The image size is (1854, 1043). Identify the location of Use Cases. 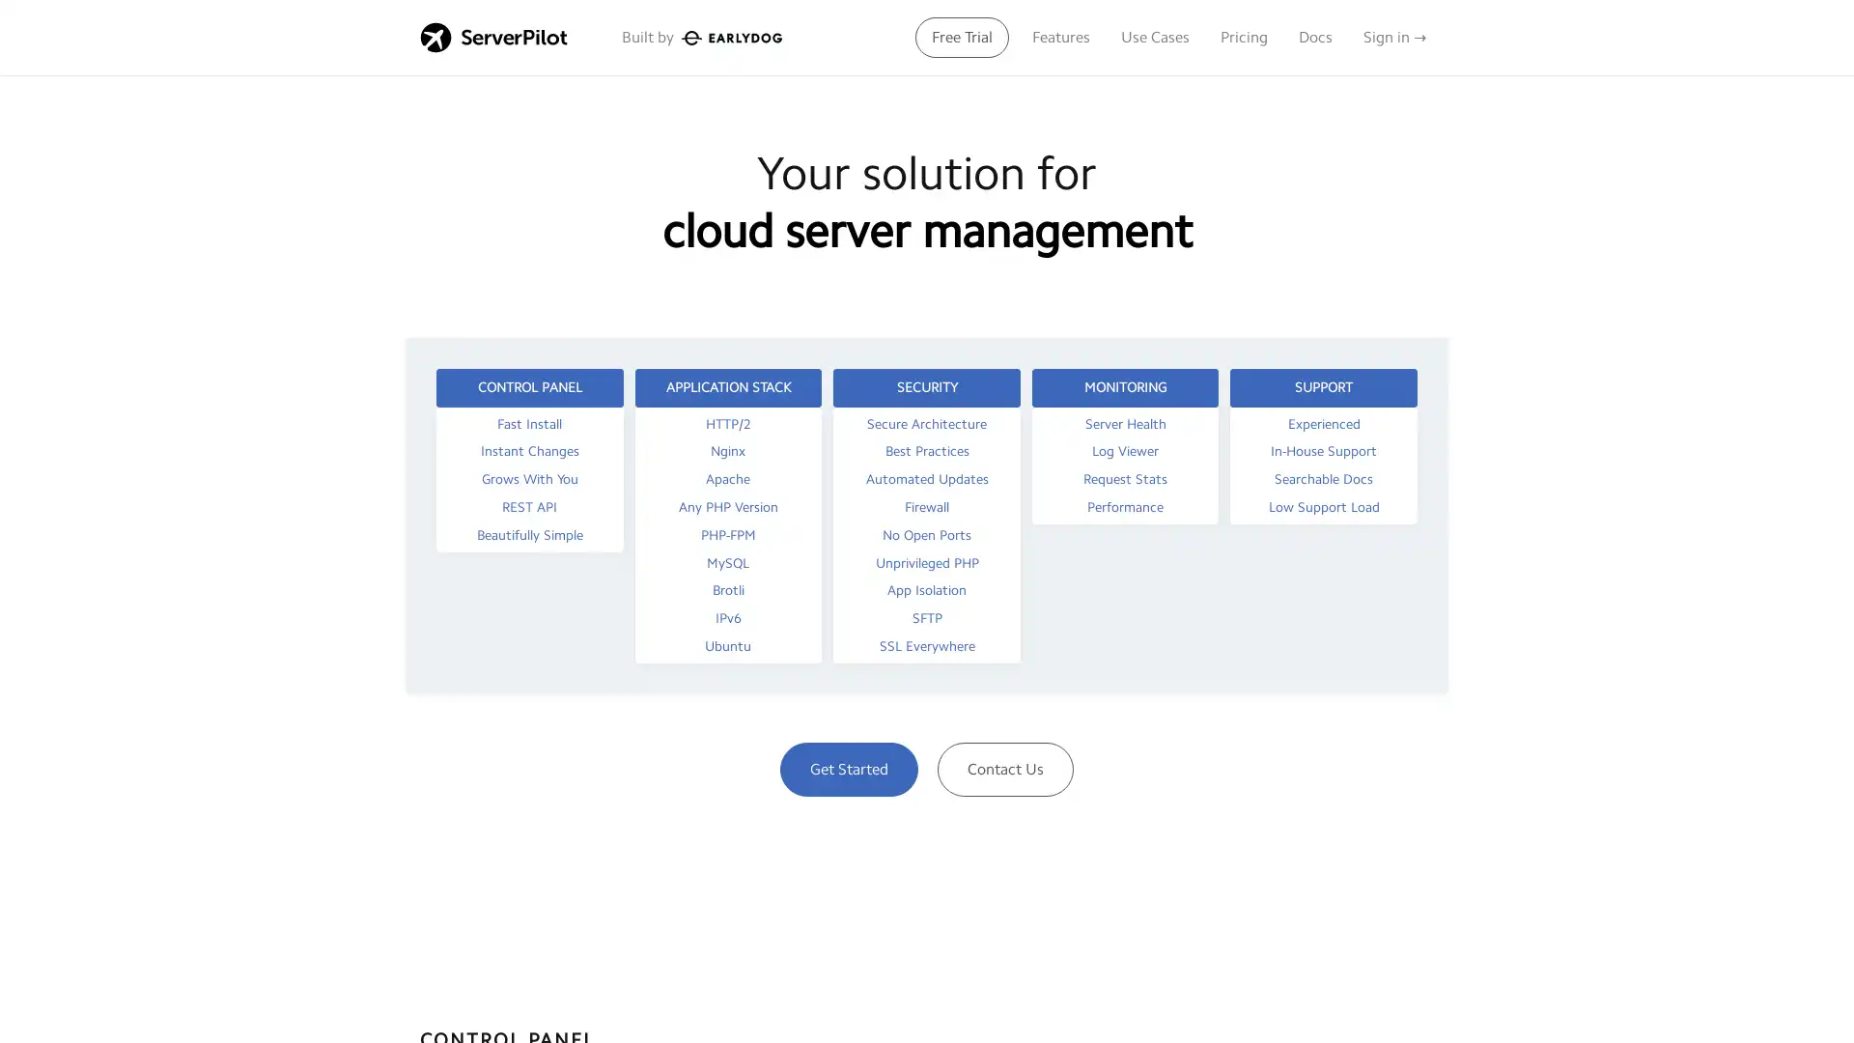
(1155, 37).